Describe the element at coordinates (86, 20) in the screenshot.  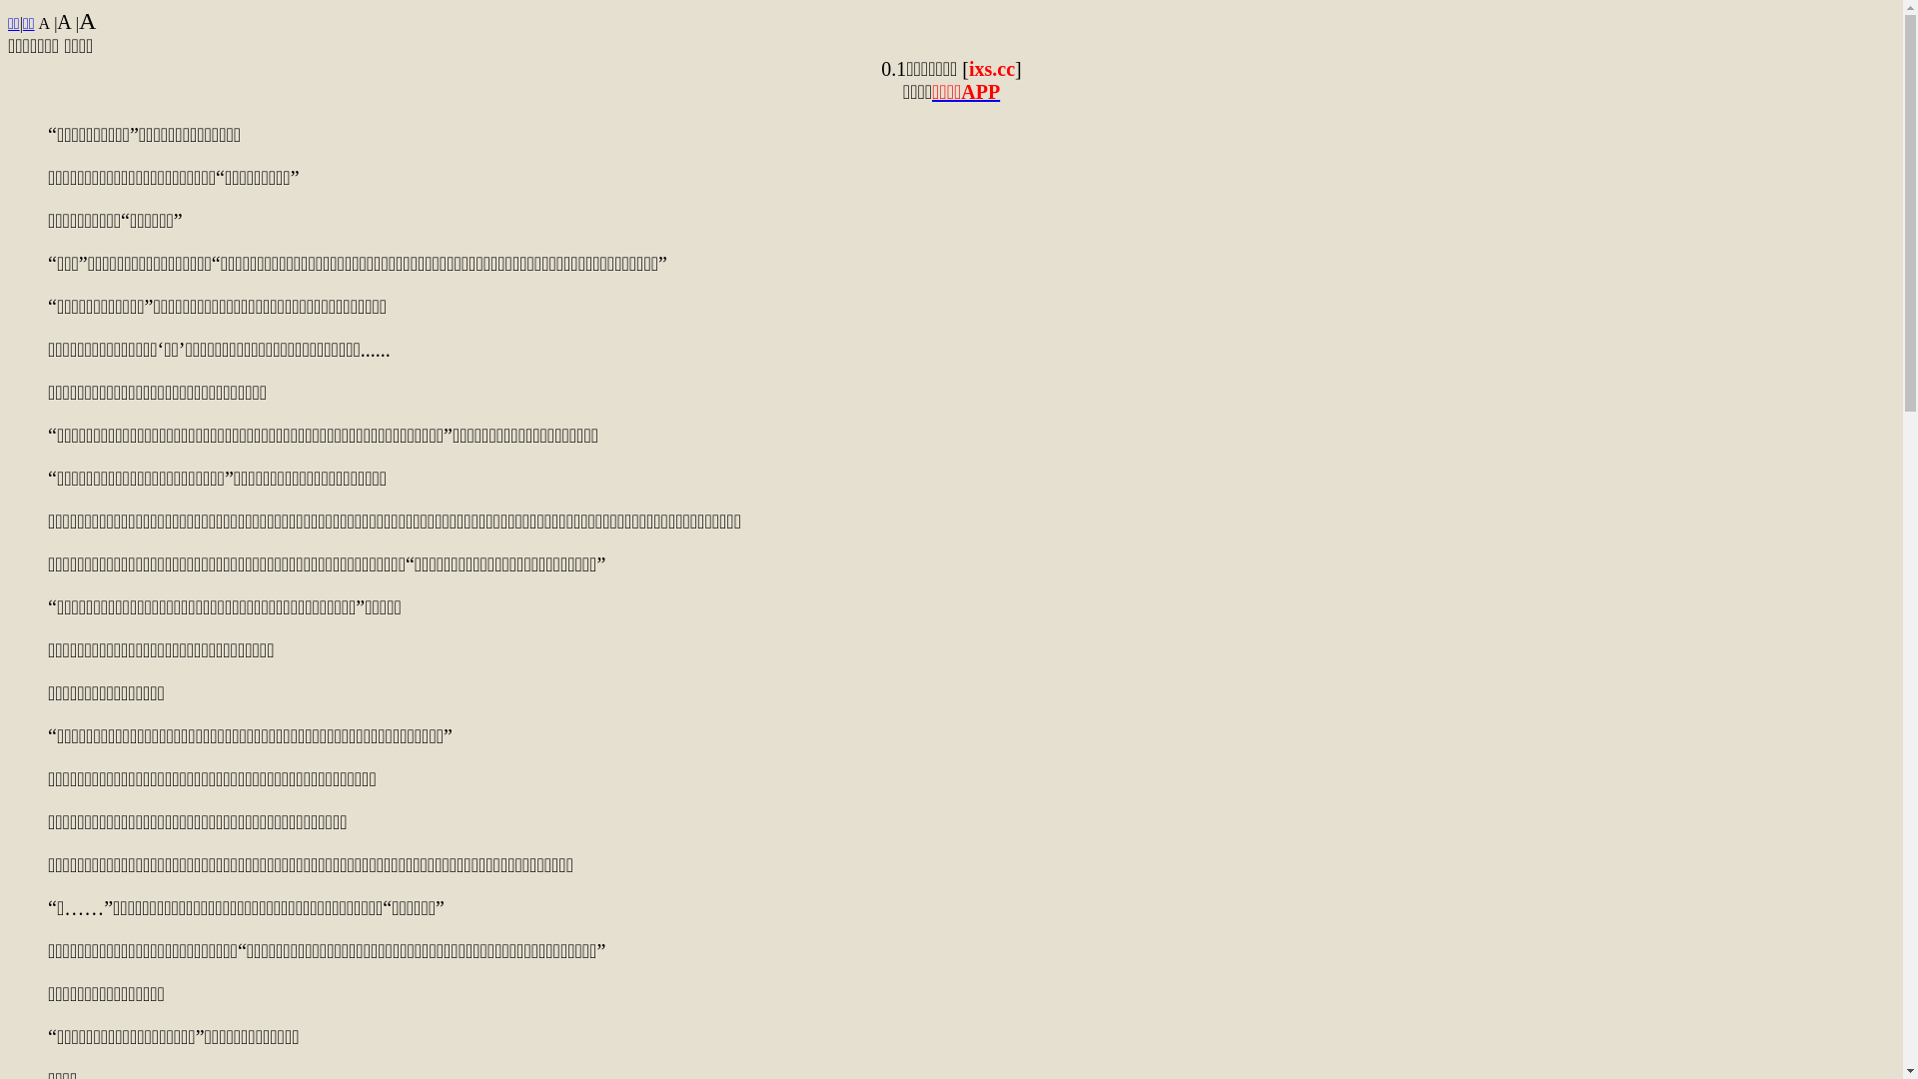
I see `'A'` at that location.